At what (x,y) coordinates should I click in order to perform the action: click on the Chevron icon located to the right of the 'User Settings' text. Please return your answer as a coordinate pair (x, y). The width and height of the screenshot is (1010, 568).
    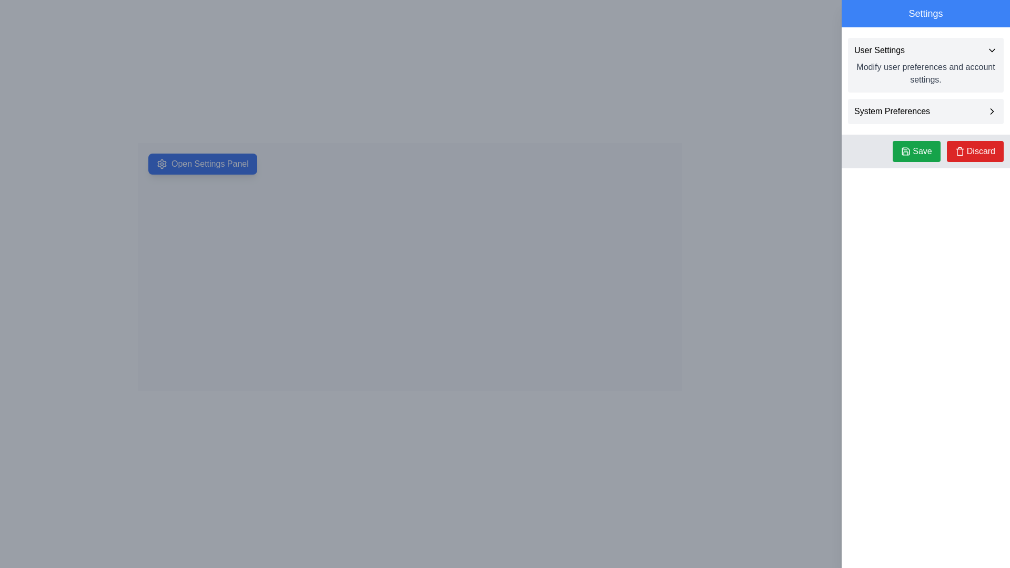
    Looking at the image, I should click on (992, 50).